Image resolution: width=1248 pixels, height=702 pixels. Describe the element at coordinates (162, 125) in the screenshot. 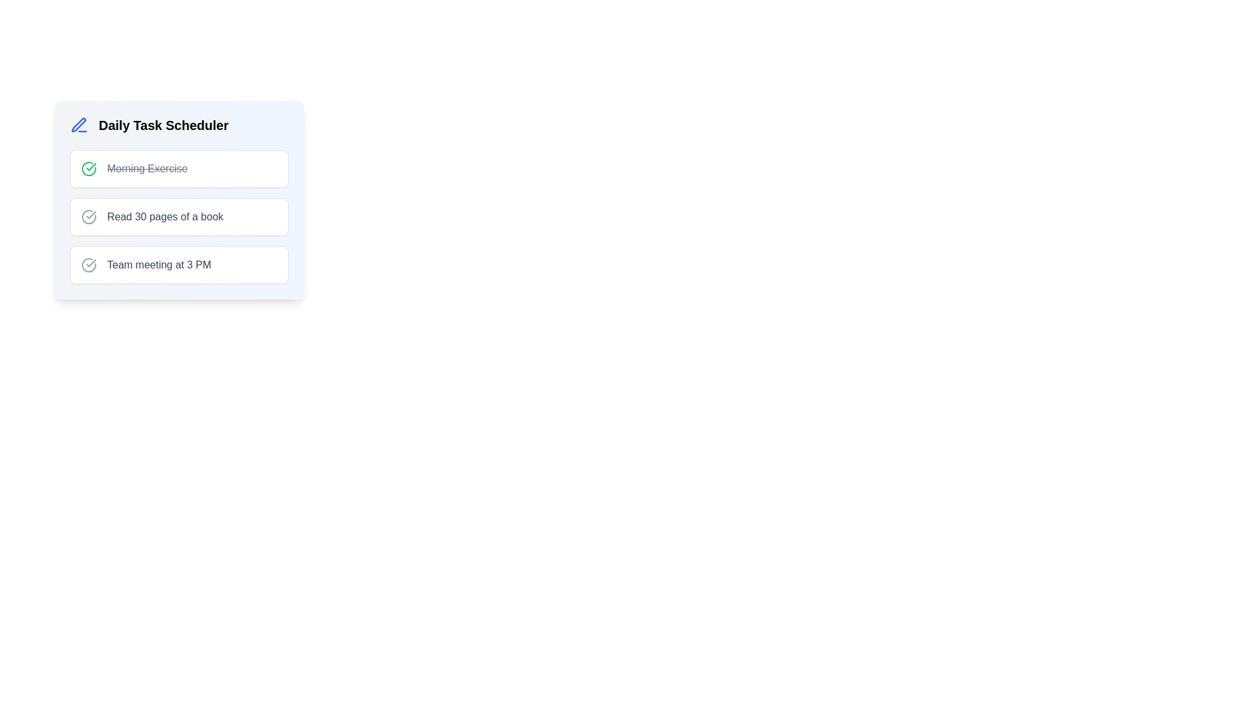

I see `the text label reading 'Daily Task Scheduler', which is styled in a prominent, bold serif font and positioned centrally within the task management card layout` at that location.